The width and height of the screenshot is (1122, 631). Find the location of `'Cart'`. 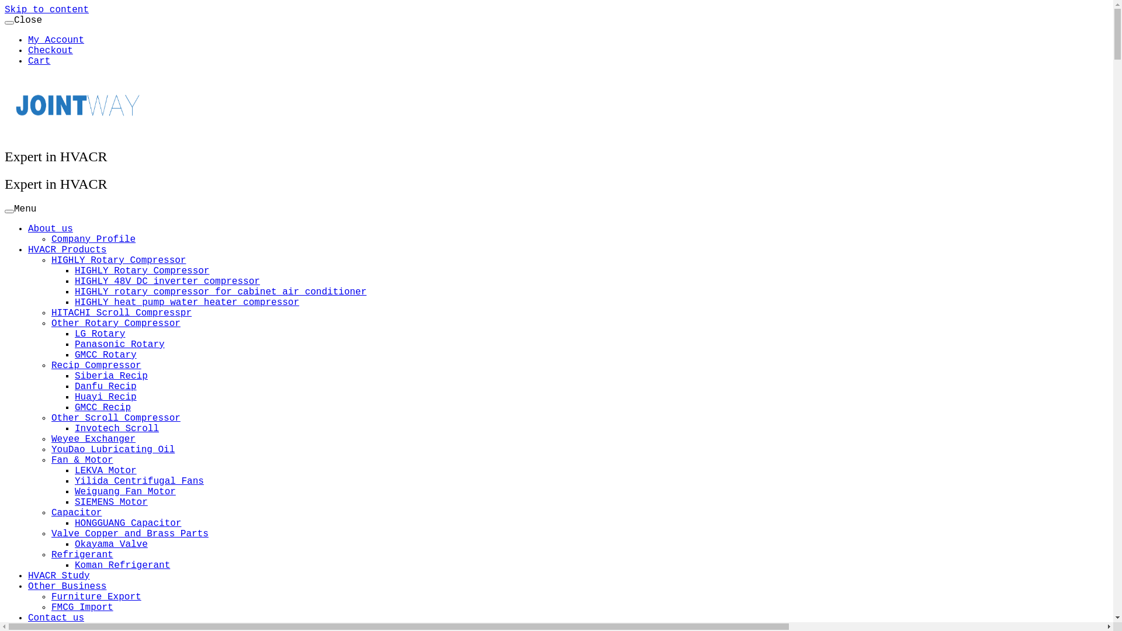

'Cart' is located at coordinates (39, 61).